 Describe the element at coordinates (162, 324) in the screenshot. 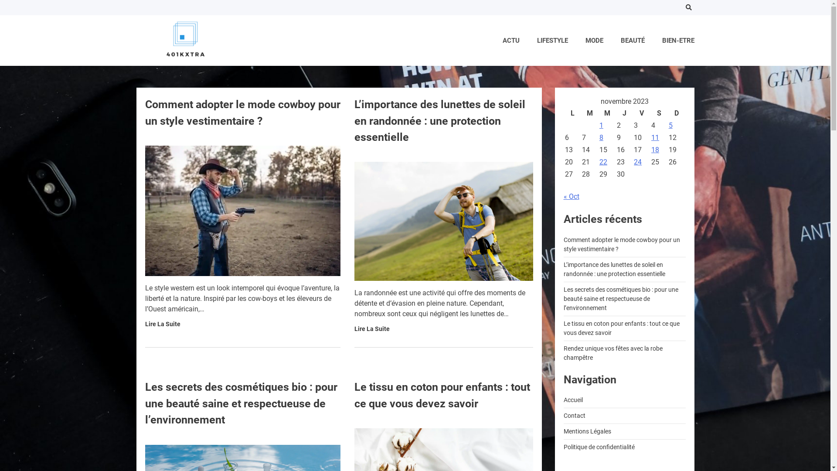

I see `'Lire La Suite'` at that location.